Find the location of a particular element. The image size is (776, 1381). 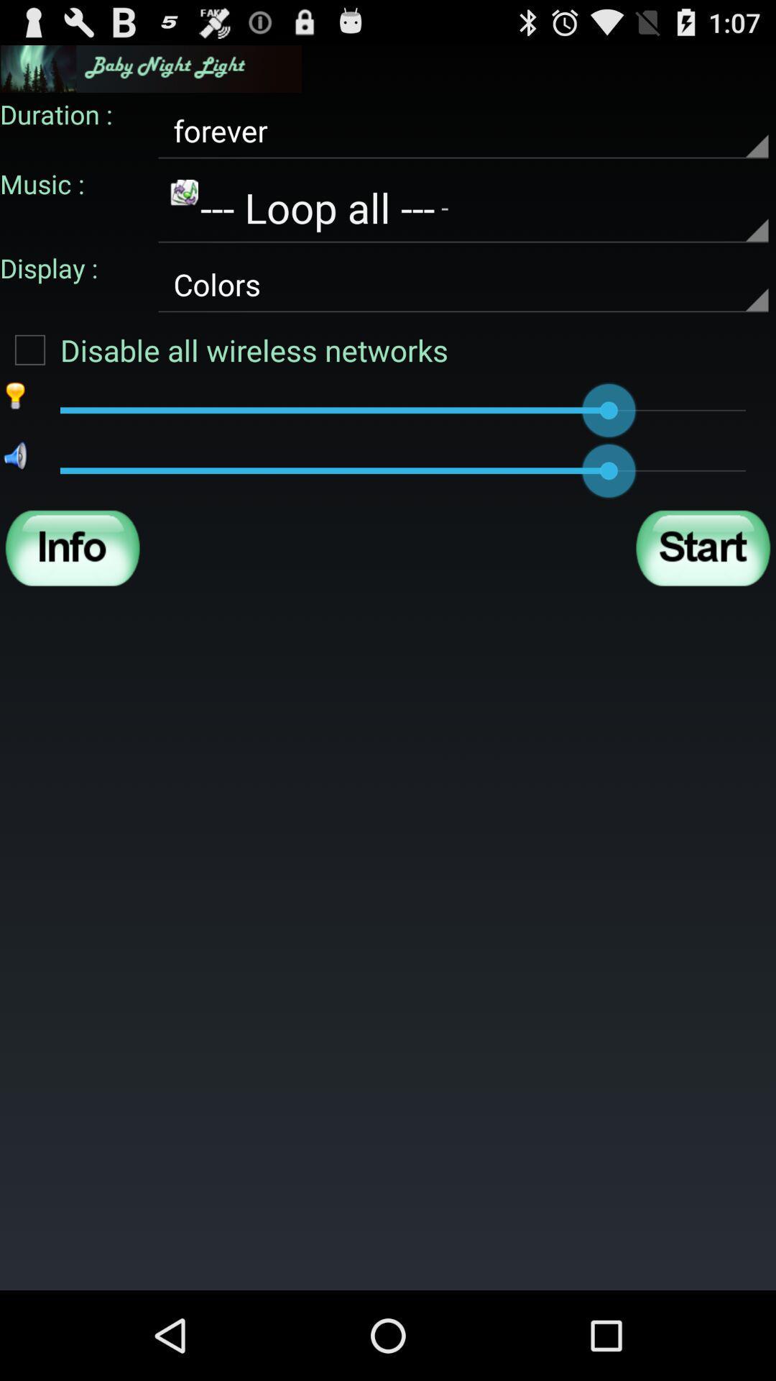

the button having the text start is located at coordinates (703, 547).